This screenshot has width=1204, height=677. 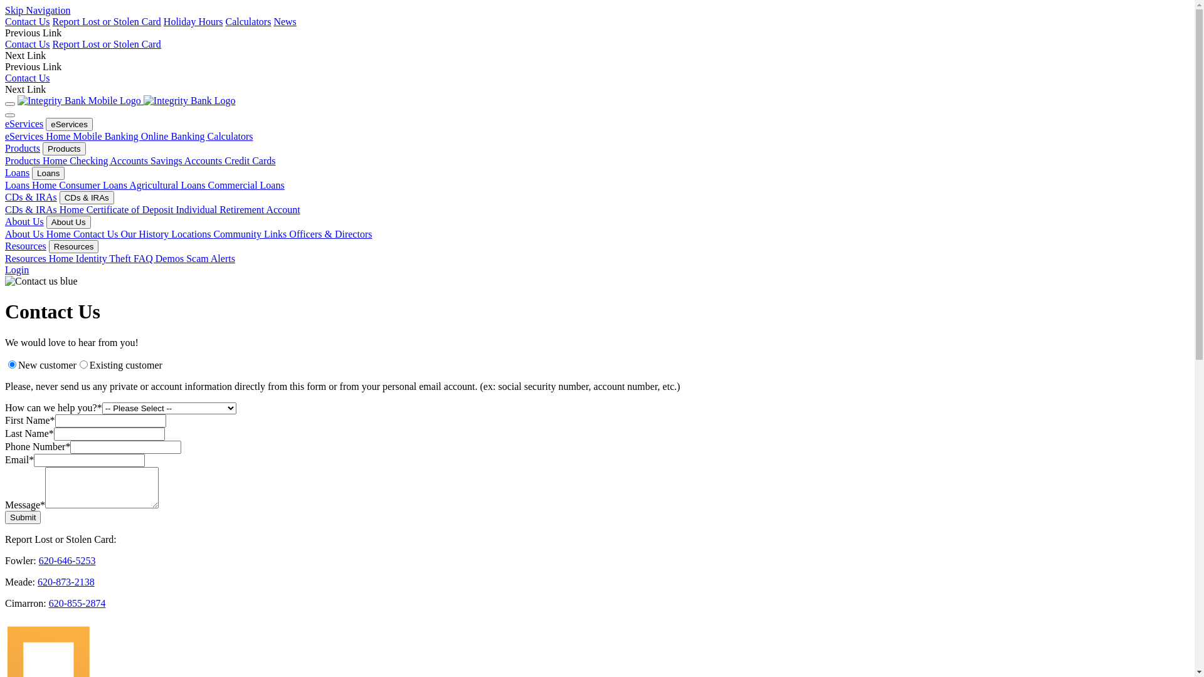 I want to click on 'Individual Retirement Account', so click(x=238, y=209).